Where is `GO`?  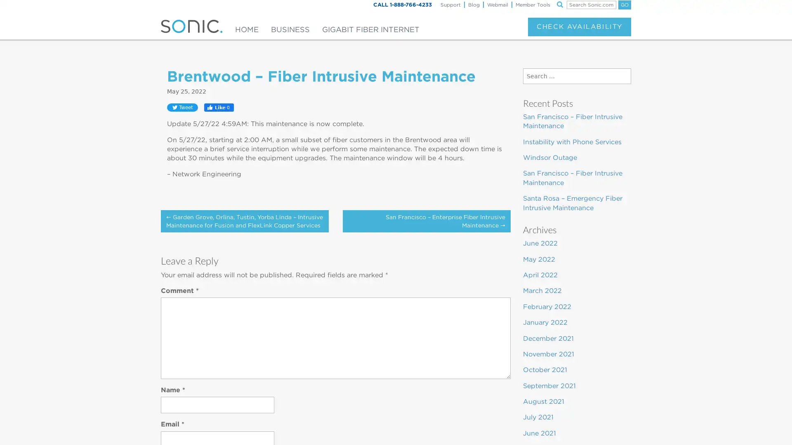 GO is located at coordinates (625, 5).